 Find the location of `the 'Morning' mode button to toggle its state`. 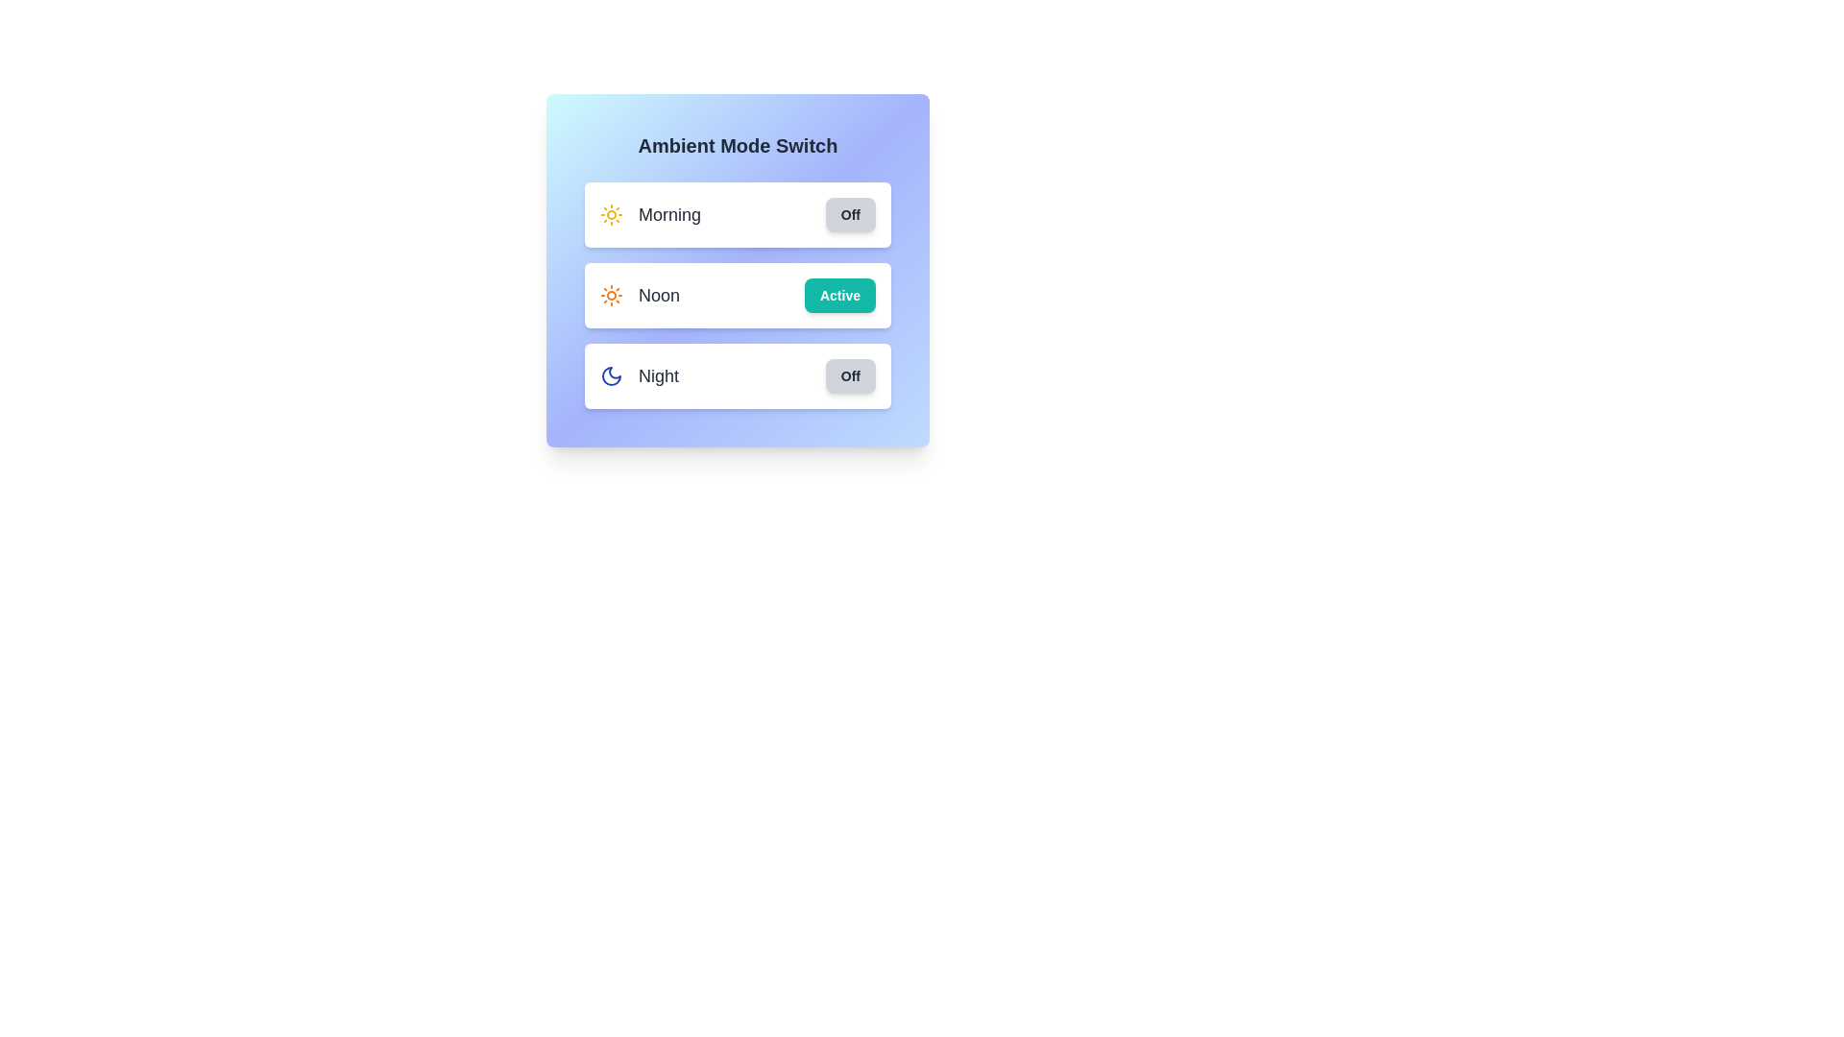

the 'Morning' mode button to toggle its state is located at coordinates (611, 214).